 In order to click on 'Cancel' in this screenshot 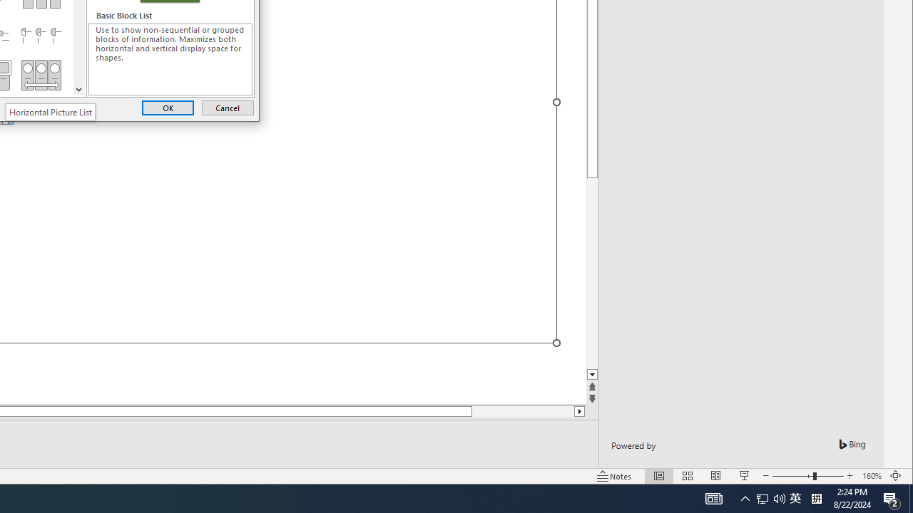, I will do `click(227, 107)`.